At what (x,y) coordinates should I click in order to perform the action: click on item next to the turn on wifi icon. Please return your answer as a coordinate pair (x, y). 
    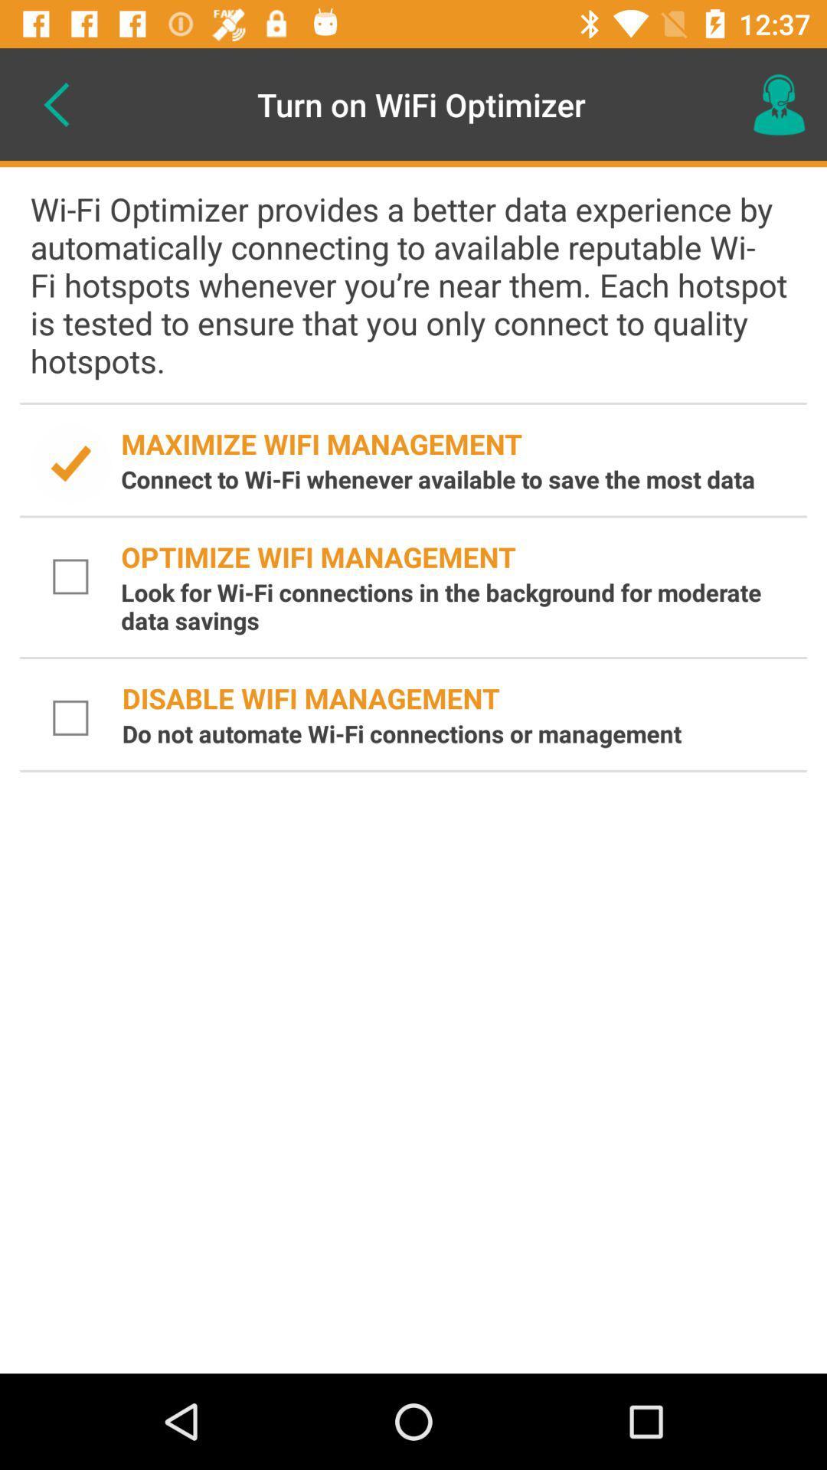
    Looking at the image, I should click on (55, 103).